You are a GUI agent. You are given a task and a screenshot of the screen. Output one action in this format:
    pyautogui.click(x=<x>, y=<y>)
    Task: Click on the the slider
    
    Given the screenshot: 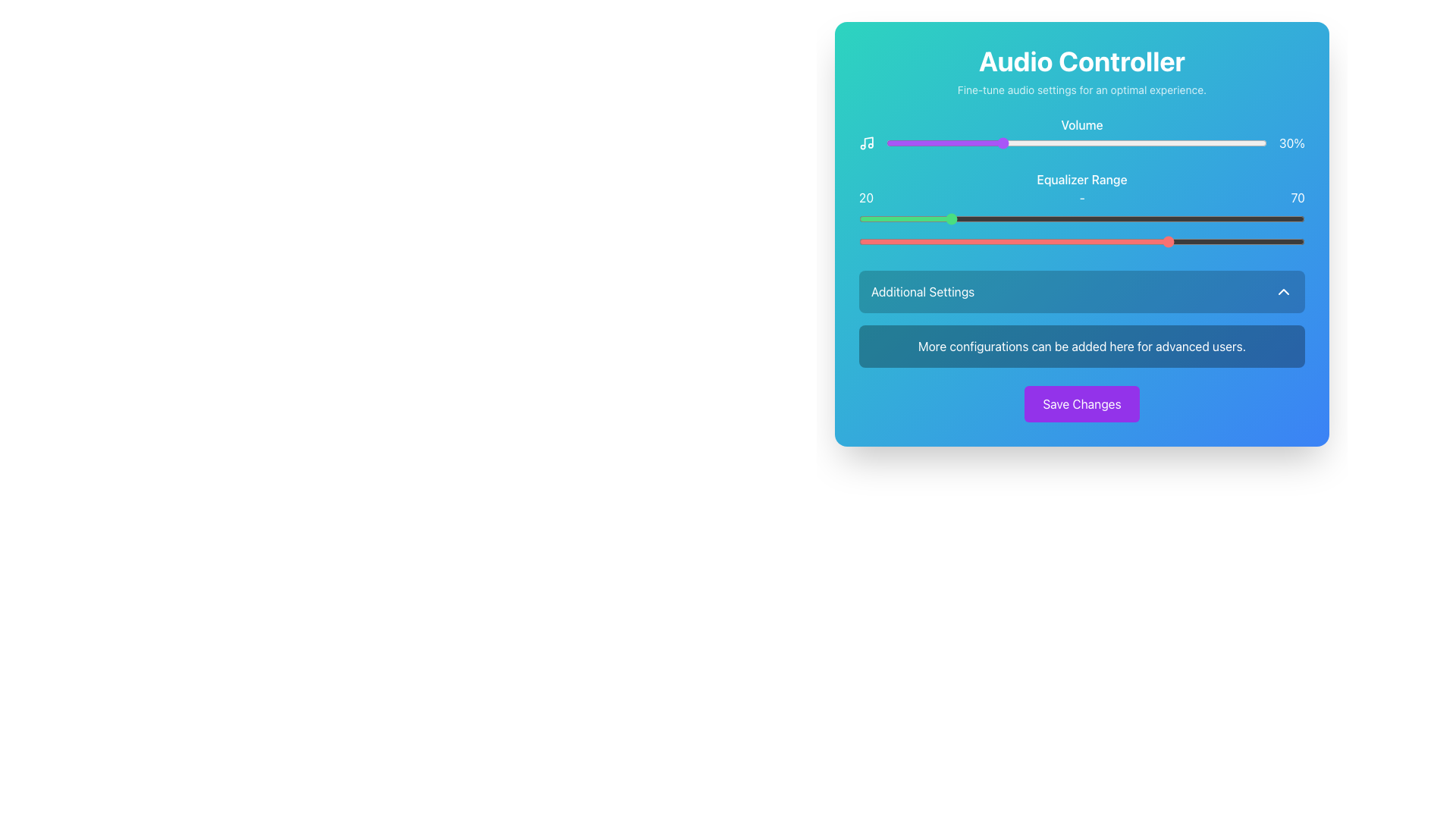 What is the action you would take?
    pyautogui.click(x=965, y=143)
    